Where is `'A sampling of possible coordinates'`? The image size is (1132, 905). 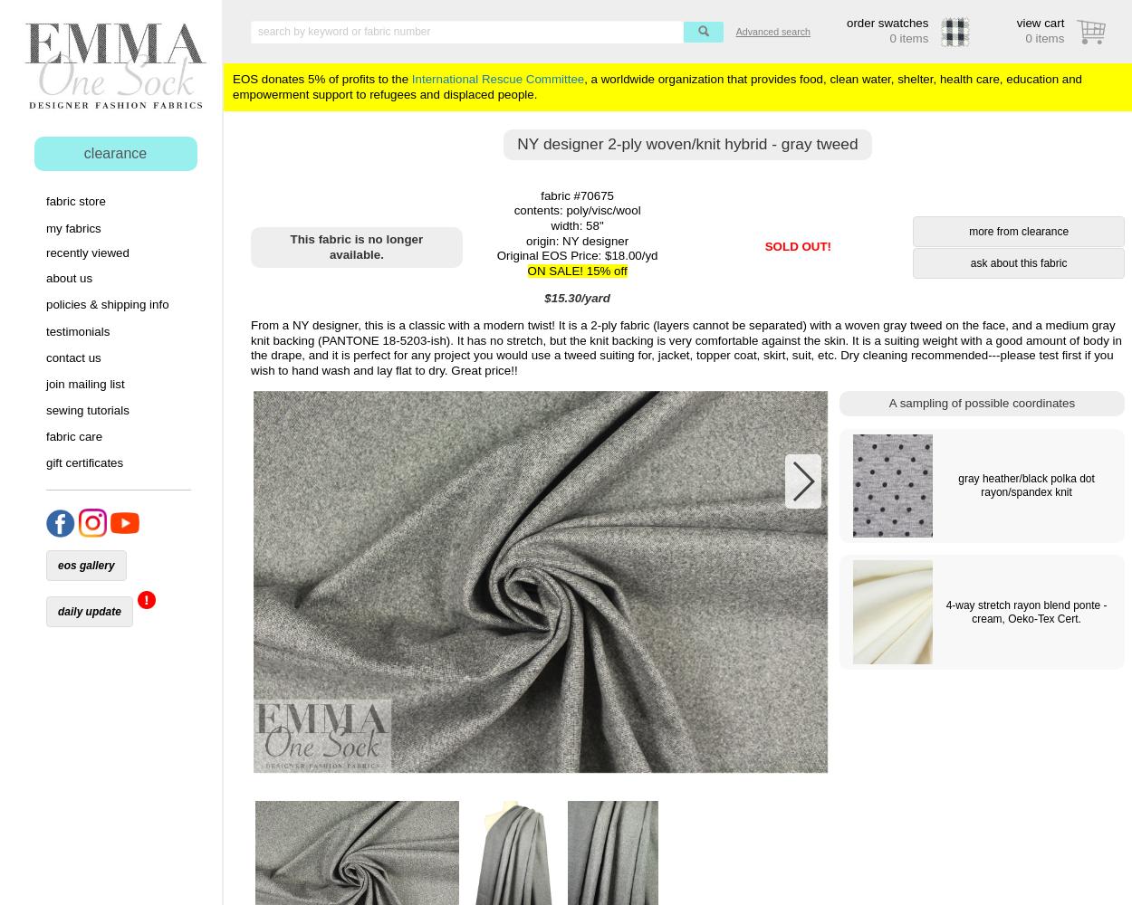 'A sampling of possible coordinates' is located at coordinates (887, 401).